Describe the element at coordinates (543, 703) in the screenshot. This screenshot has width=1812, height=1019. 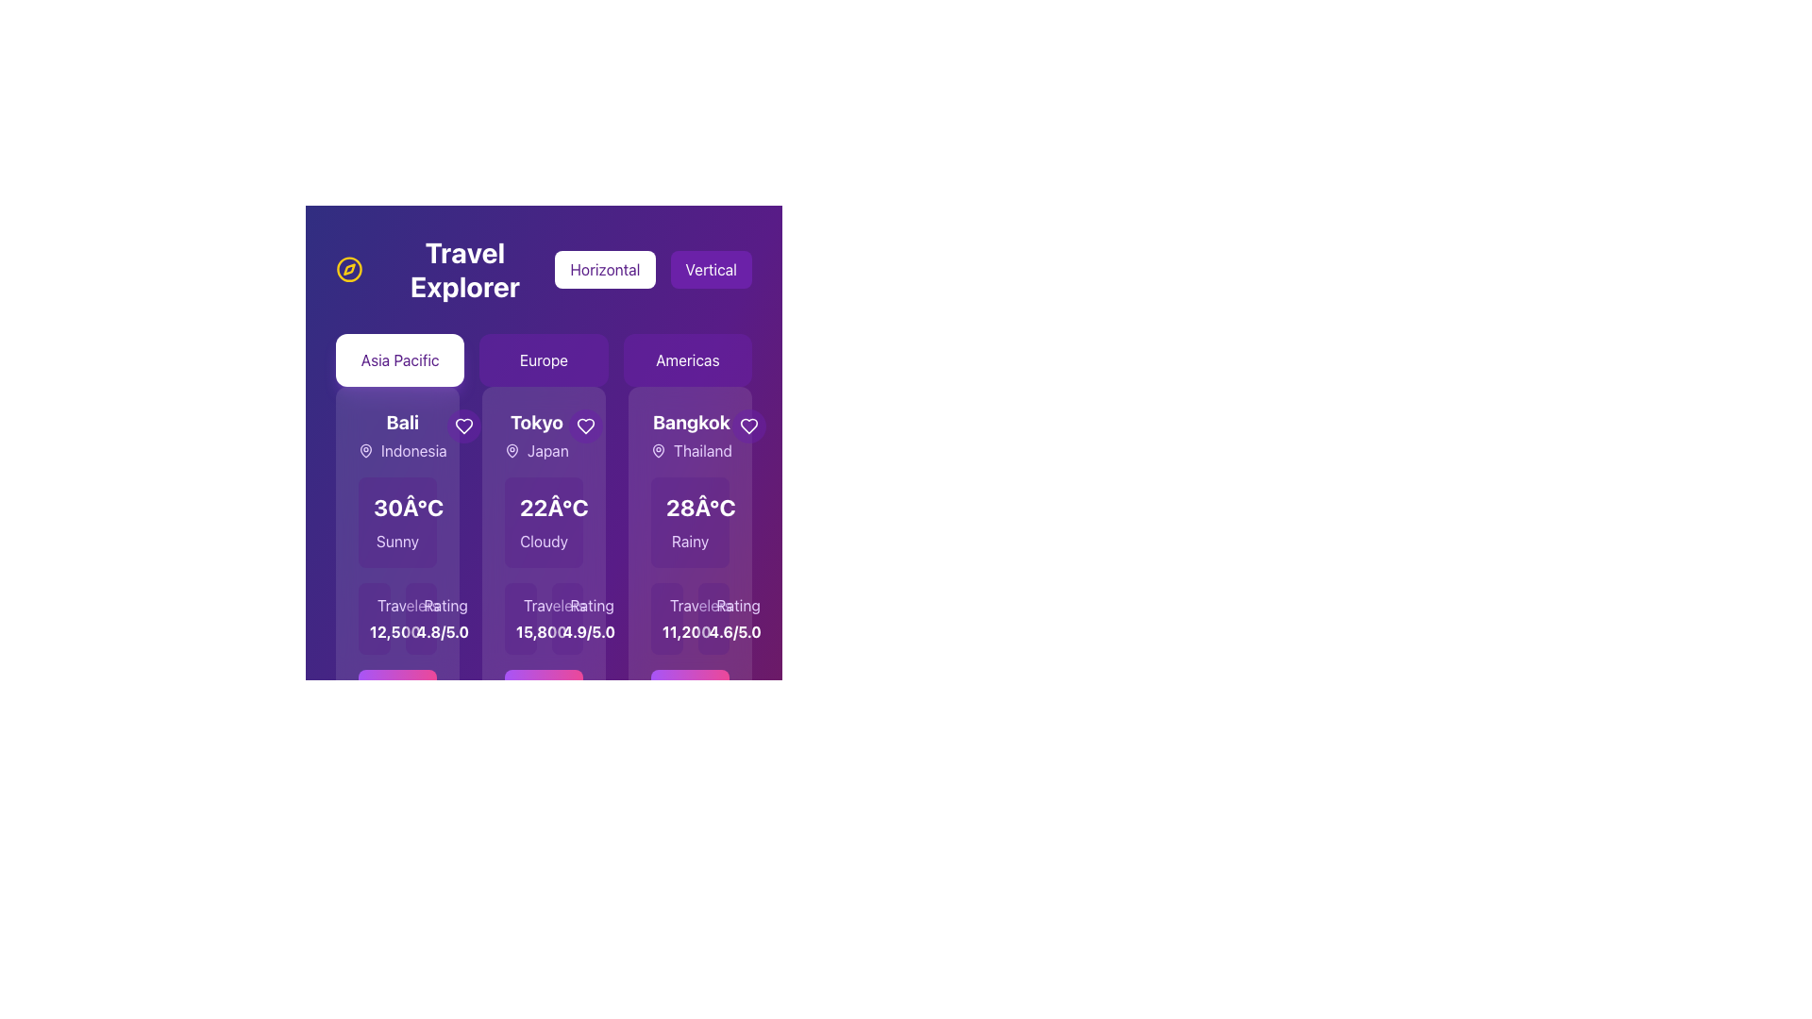
I see `the button located at the bottommost region of the panel dedicated to 'Tokyo, Japan' destination information` at that location.